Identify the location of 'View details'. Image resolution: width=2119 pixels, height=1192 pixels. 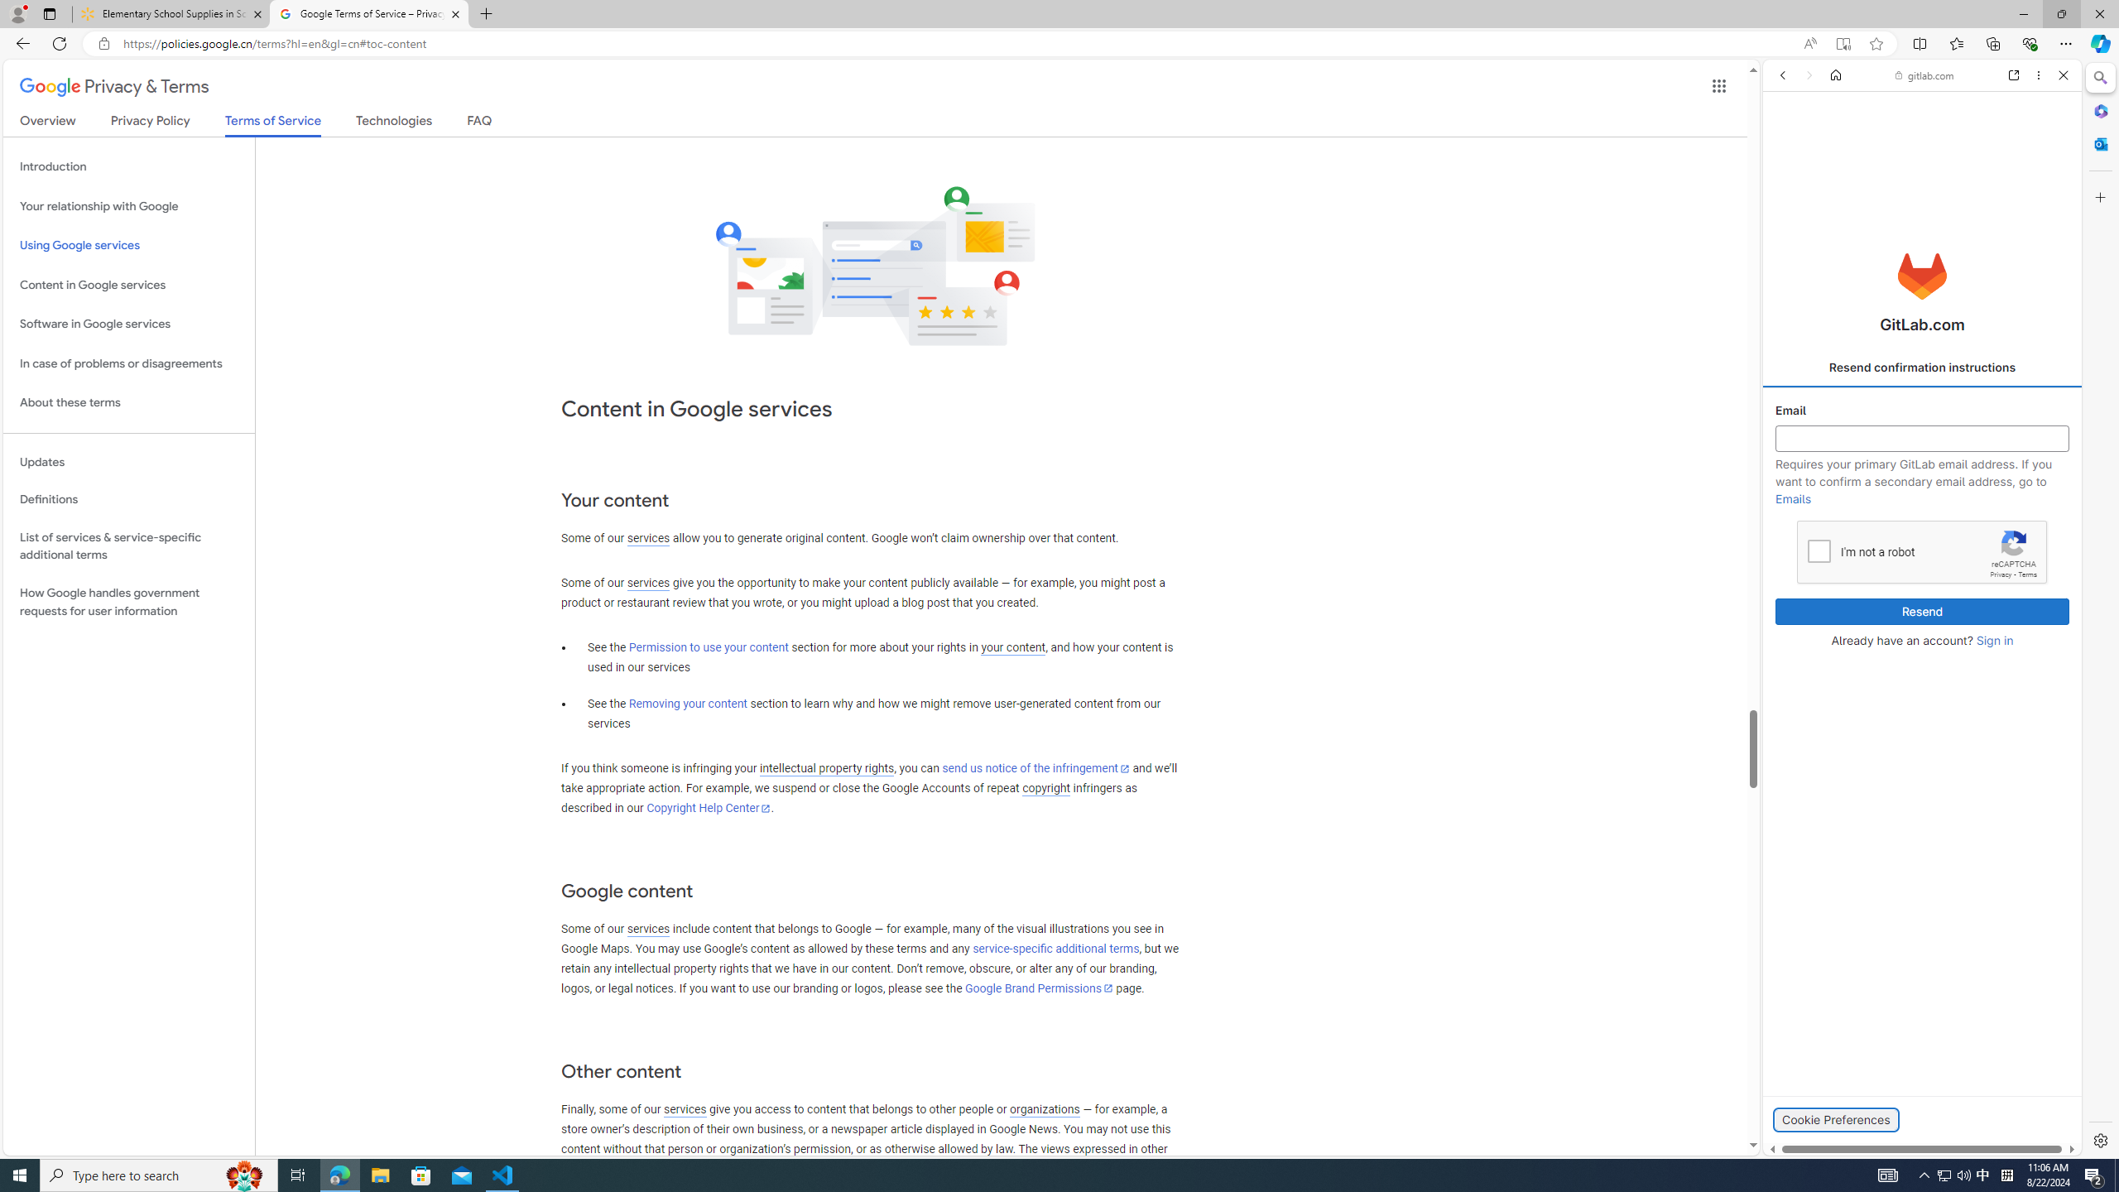
(2007, 805).